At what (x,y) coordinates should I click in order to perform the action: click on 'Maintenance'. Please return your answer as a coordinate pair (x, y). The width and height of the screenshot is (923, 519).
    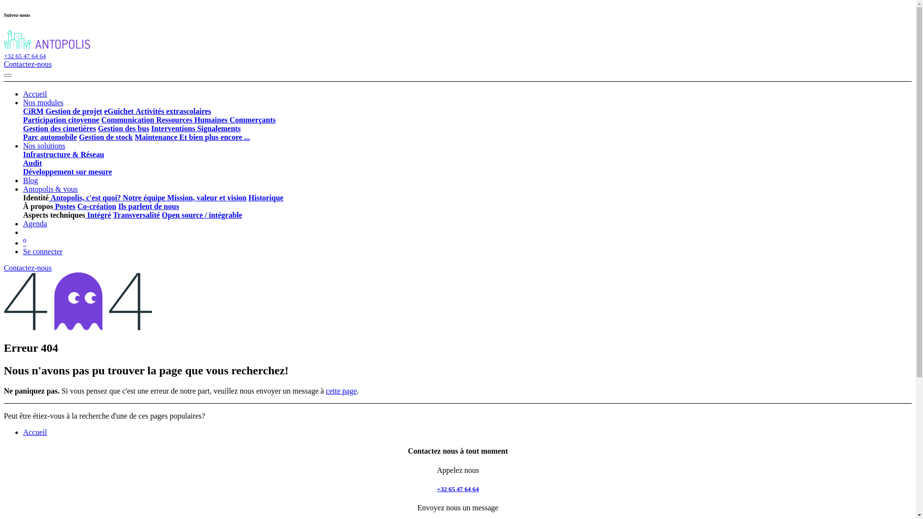
    Looking at the image, I should click on (156, 137).